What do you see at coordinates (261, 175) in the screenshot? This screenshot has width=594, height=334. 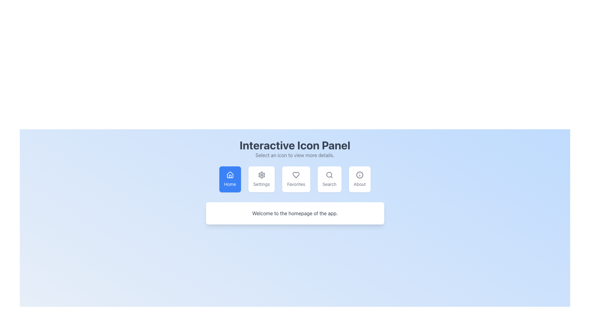 I see `the settings icon located at the top of the 'Settings' card` at bounding box center [261, 175].